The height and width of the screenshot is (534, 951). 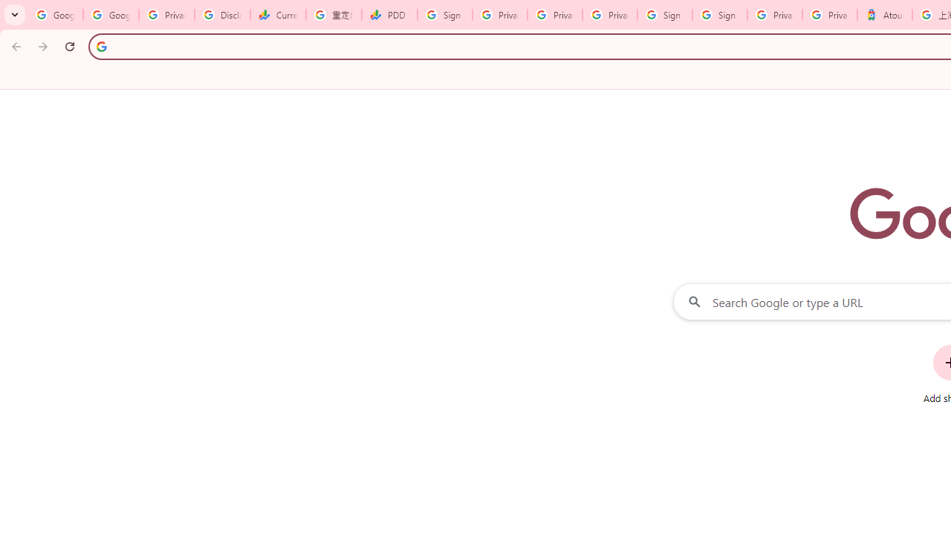 I want to click on 'Atour Hotel - Google hotels', so click(x=885, y=15).